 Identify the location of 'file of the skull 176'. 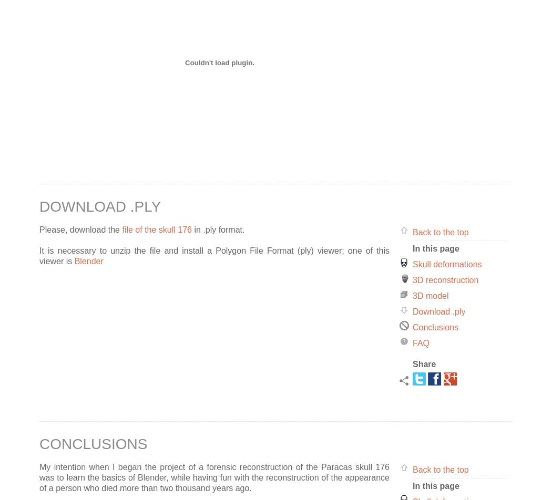
(156, 229).